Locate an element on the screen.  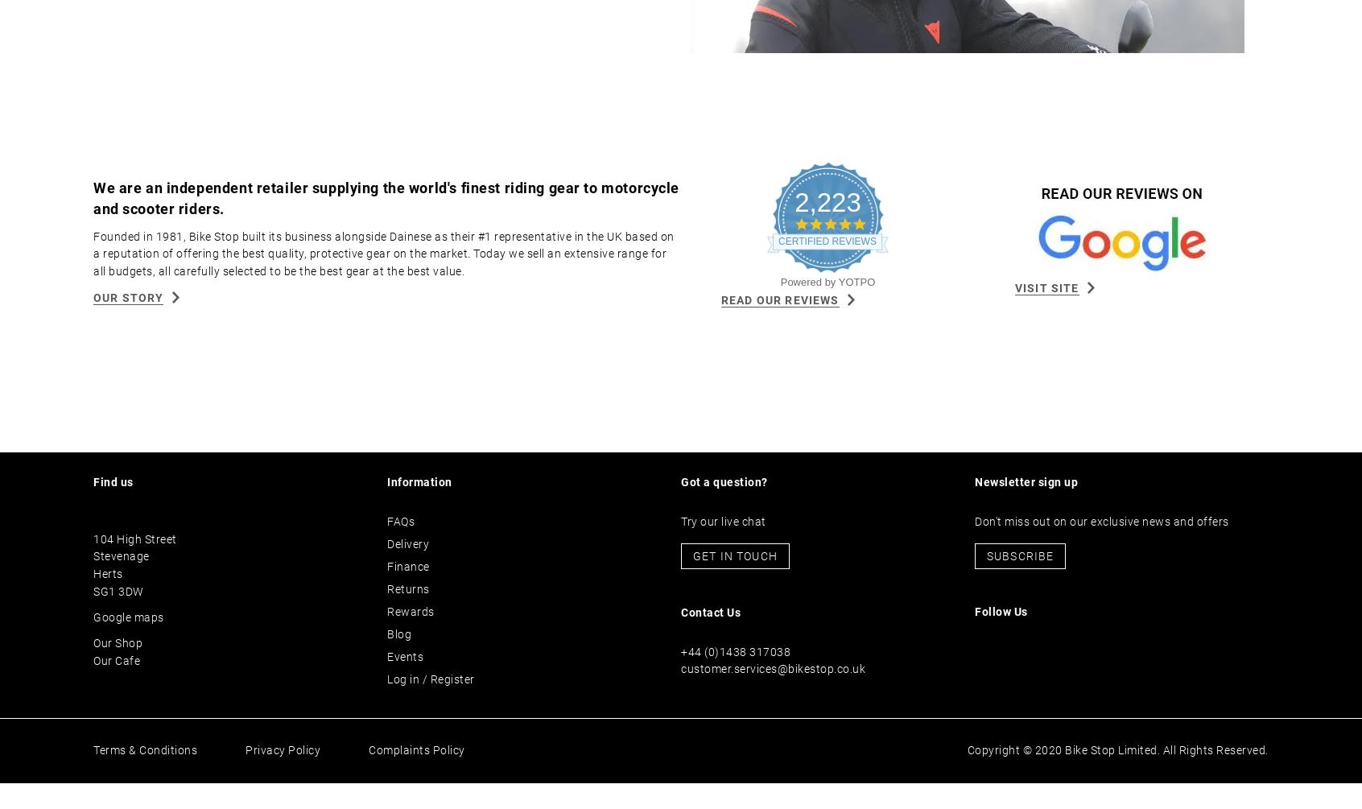
'Founded in 1981, Bike Stop built its business alongside Dainese as their #1 representative in the UK based on a reputation of offering the best quality, protective gear on the market. Today we sell an extensive range for all budgets, all carefully selected to be the best gear at the best value.' is located at coordinates (382, 280).